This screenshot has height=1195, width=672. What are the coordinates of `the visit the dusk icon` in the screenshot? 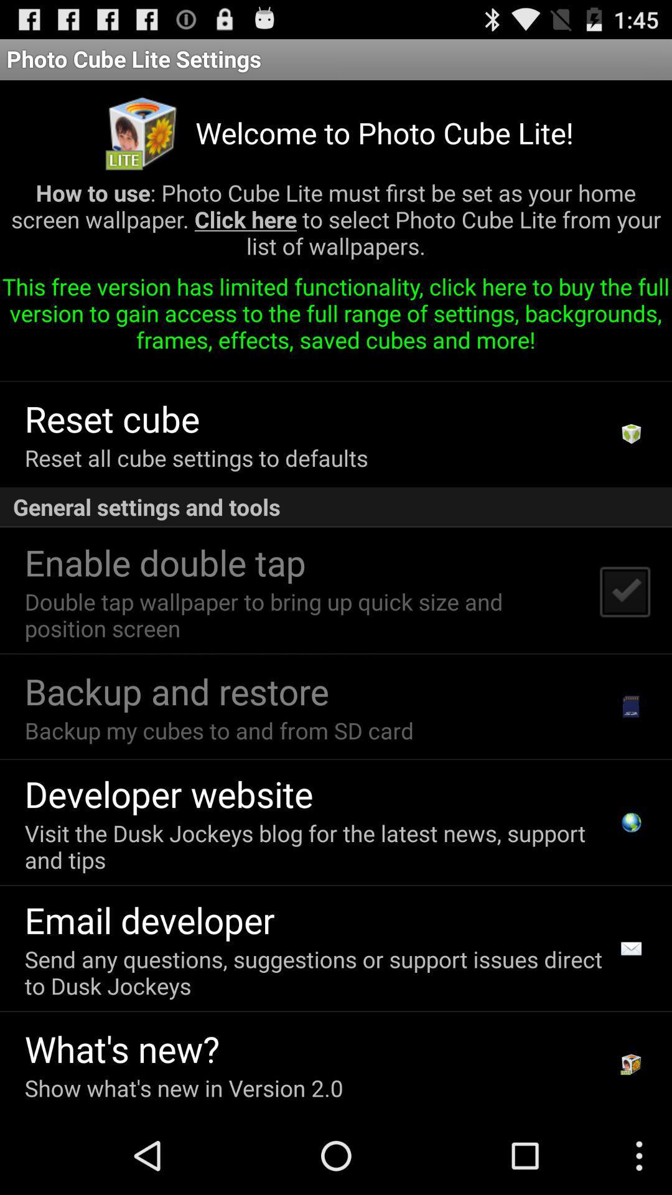 It's located at (317, 846).